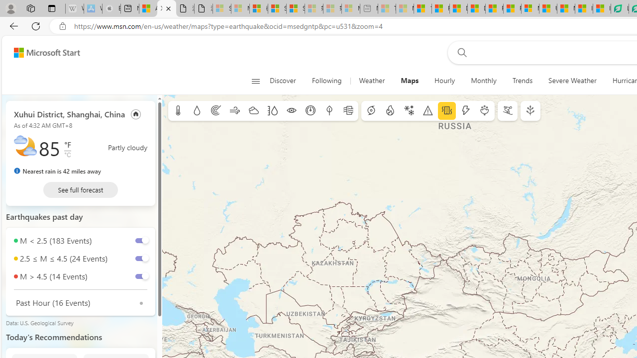 This screenshot has width=637, height=358. I want to click on 'Maps', so click(410, 81).